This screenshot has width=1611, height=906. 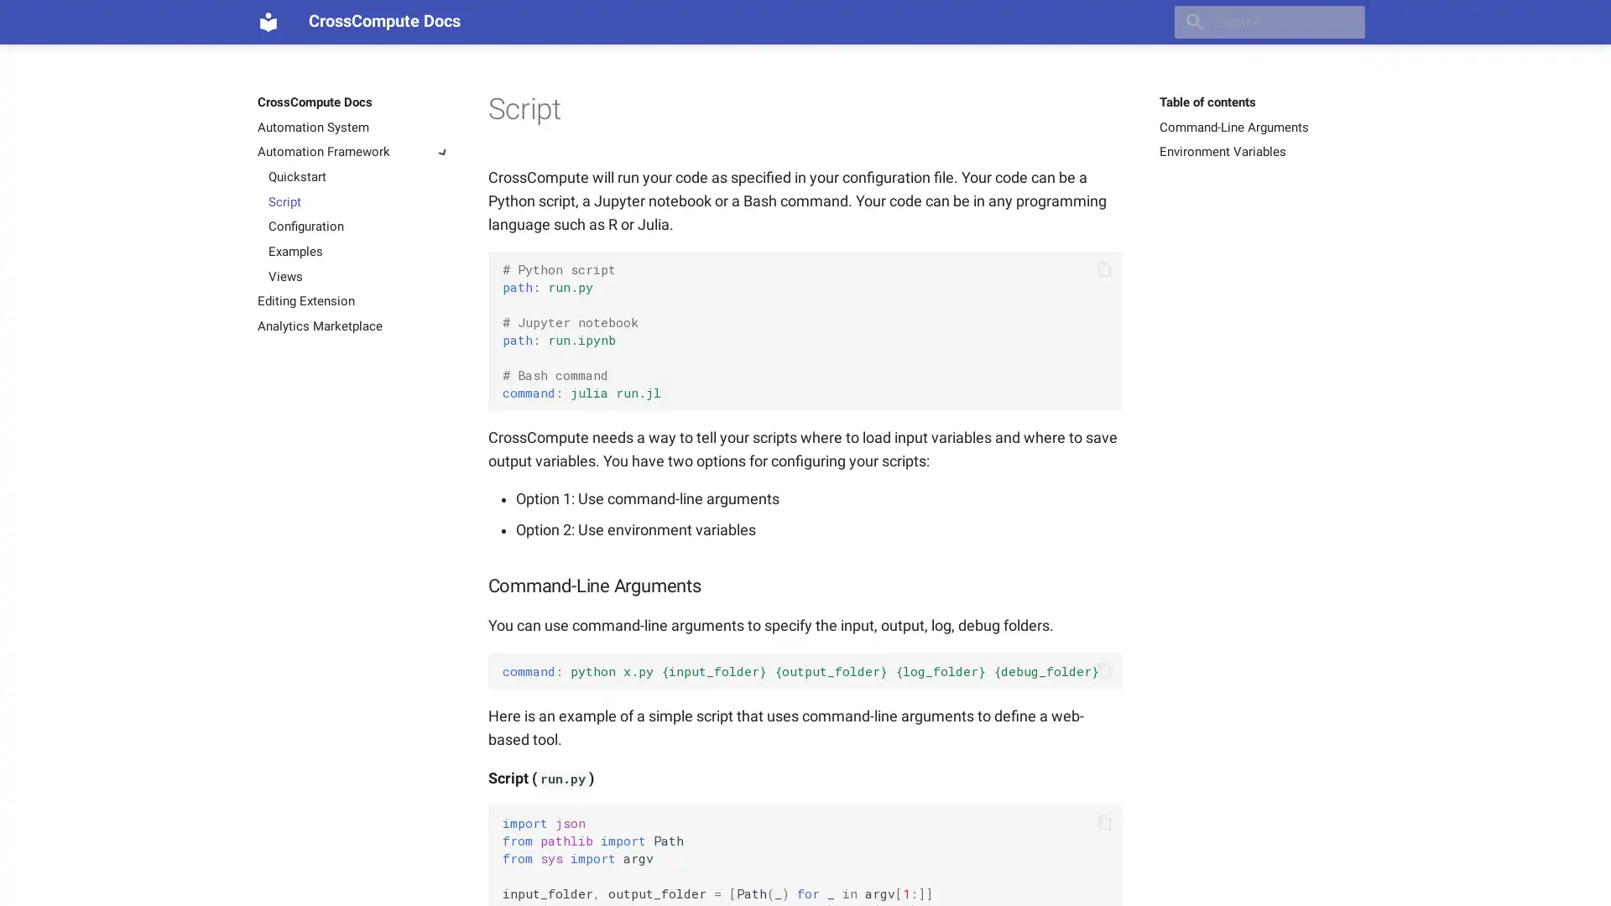 What do you see at coordinates (1344, 22) in the screenshot?
I see `Clear` at bounding box center [1344, 22].